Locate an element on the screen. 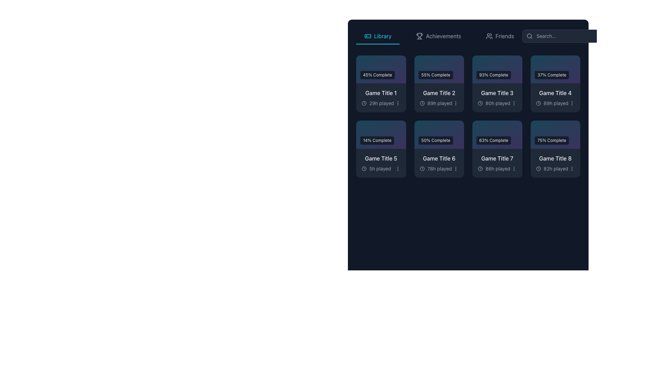 This screenshot has height=372, width=662. displayed information from the progress indicator that shows '55% Complete' with a gradient background from cyan to purple is located at coordinates (439, 69).